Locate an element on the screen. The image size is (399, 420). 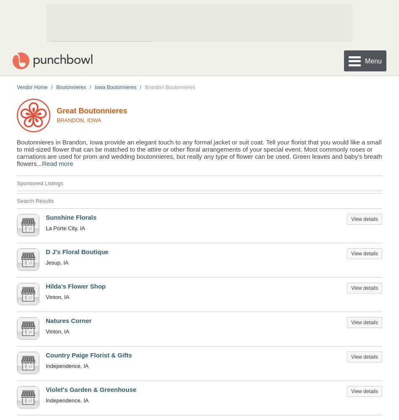
'Boutonnieres' is located at coordinates (71, 87).